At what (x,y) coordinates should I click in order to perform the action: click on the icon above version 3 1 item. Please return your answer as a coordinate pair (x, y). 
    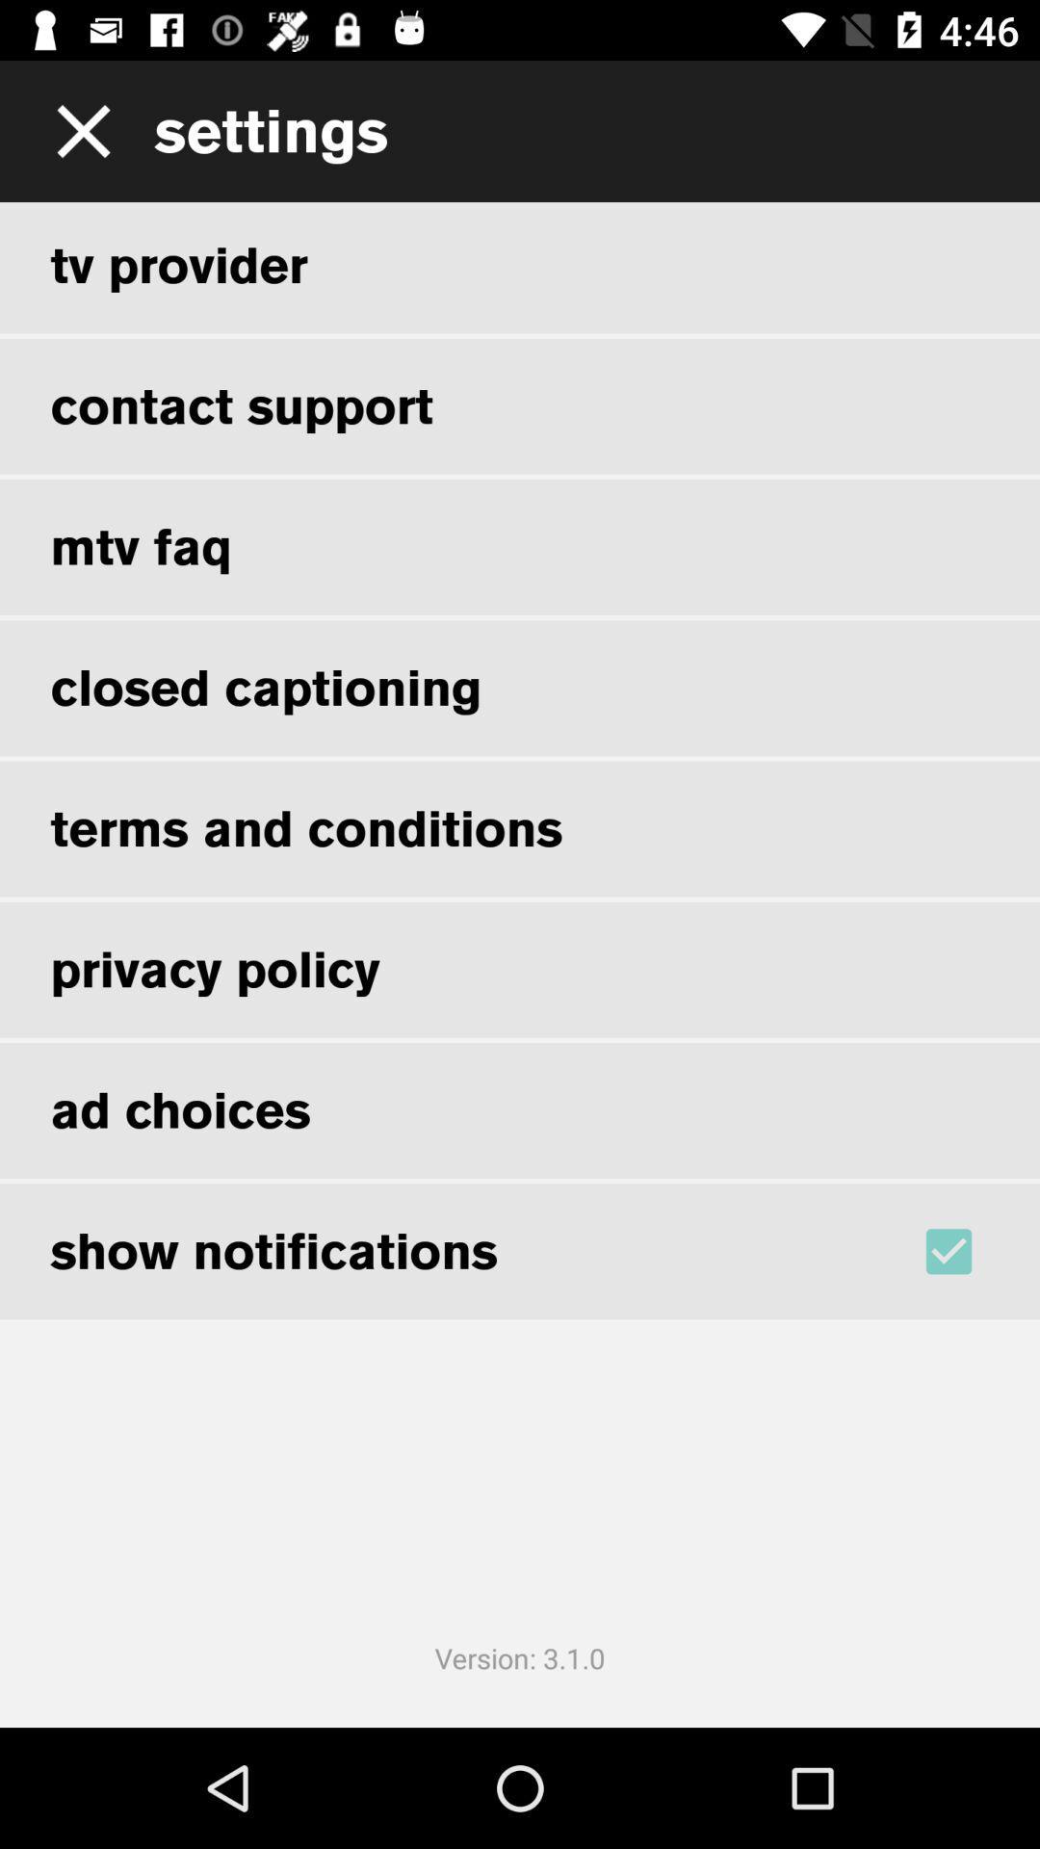
    Looking at the image, I should click on (974, 1251).